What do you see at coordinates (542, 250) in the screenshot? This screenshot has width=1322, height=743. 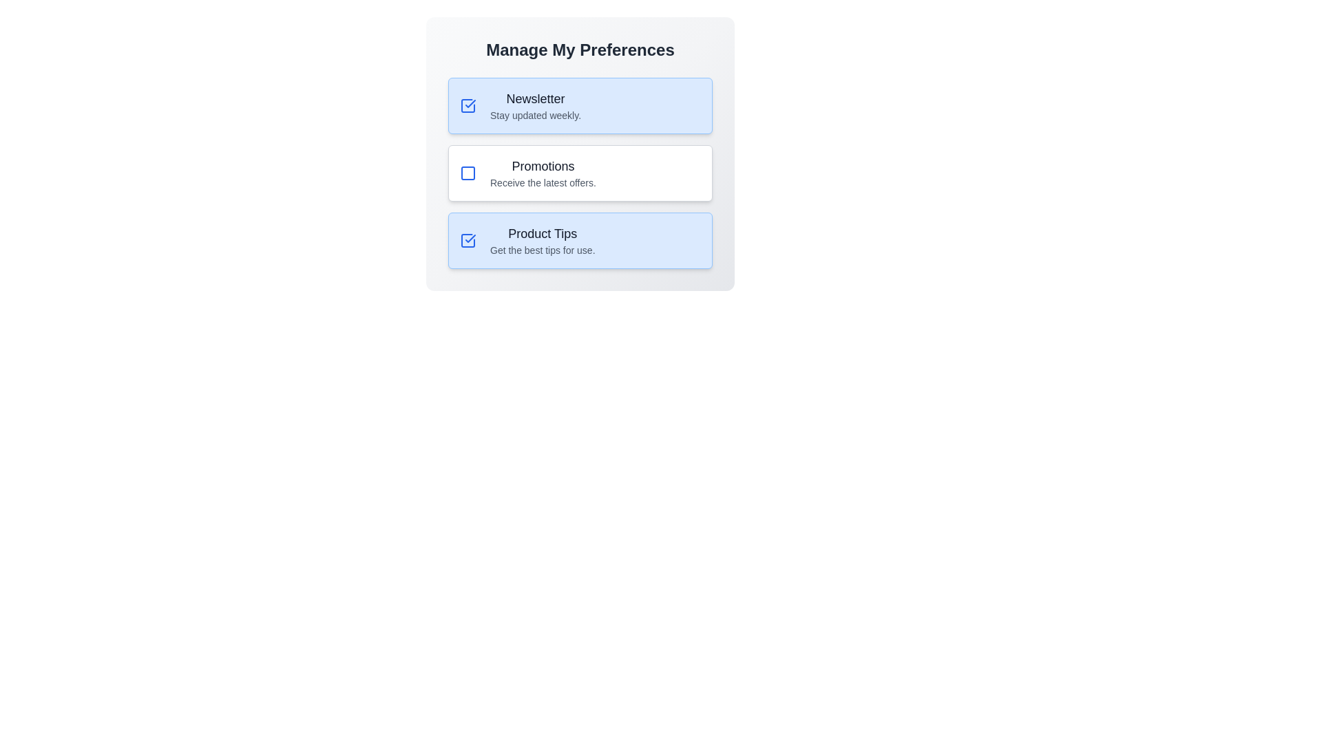 I see `the Text Label providing additional information related to the 'Product Tips' section, located underneath the title text within the 'Manage My Preferences' group` at bounding box center [542, 250].